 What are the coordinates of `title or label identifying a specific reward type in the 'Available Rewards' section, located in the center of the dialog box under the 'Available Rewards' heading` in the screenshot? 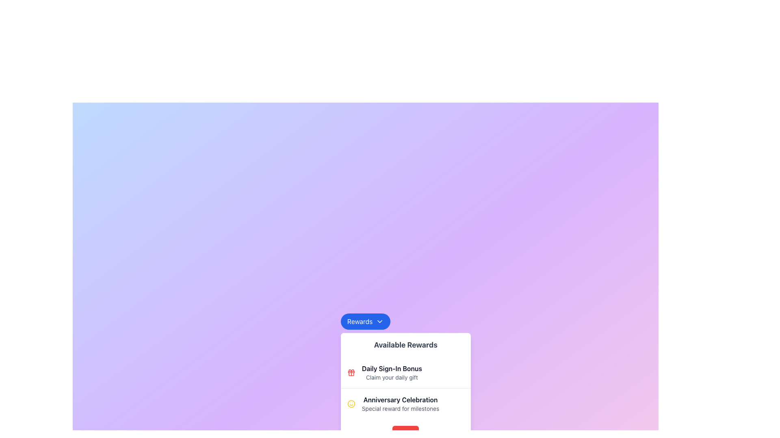 It's located at (401, 399).